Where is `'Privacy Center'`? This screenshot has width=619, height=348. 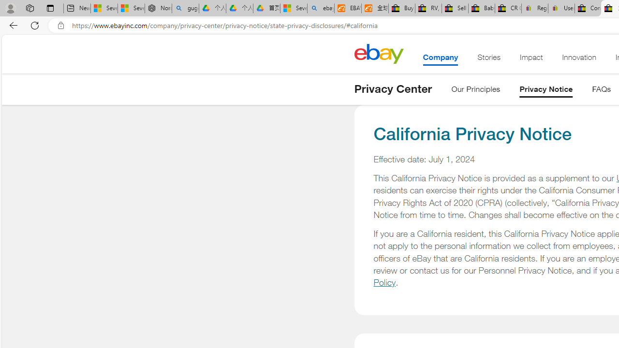 'Privacy Center' is located at coordinates (393, 88).